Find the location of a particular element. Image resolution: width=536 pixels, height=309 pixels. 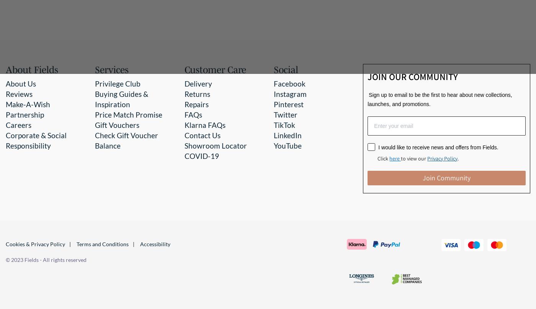

'Contact Us' is located at coordinates (202, 135).